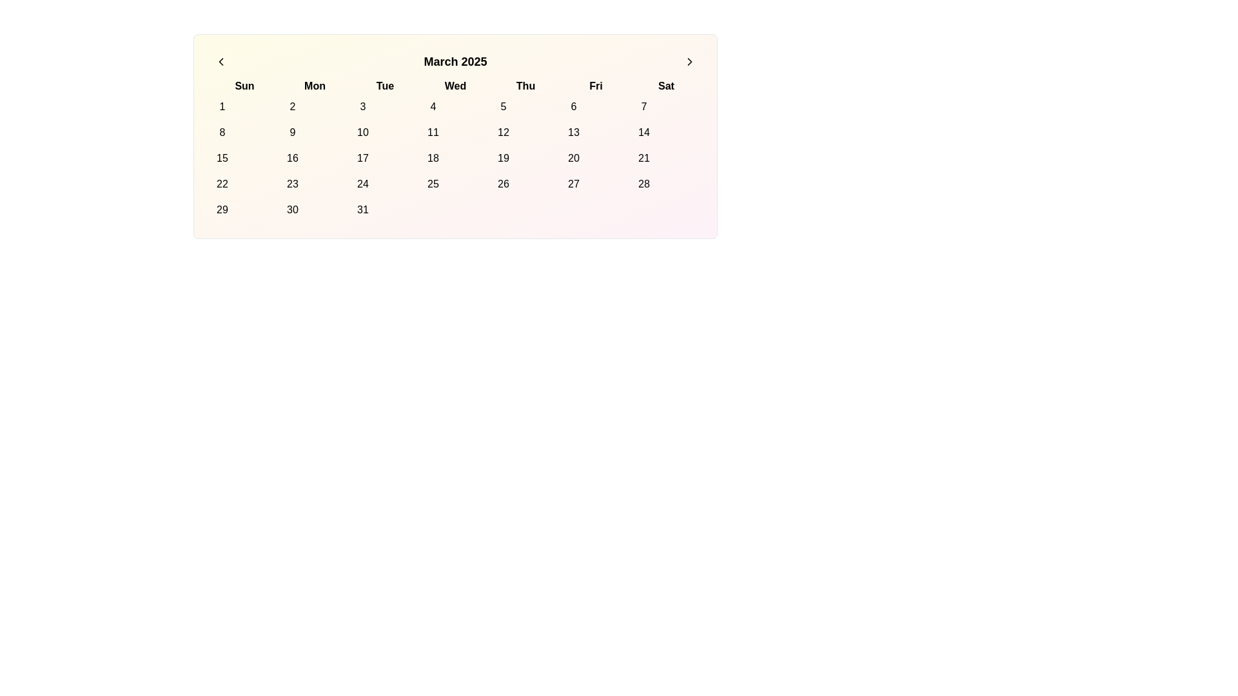  What do you see at coordinates (362, 132) in the screenshot?
I see `the circular button labeled '10' in the calendar grid under 'Tue'` at bounding box center [362, 132].